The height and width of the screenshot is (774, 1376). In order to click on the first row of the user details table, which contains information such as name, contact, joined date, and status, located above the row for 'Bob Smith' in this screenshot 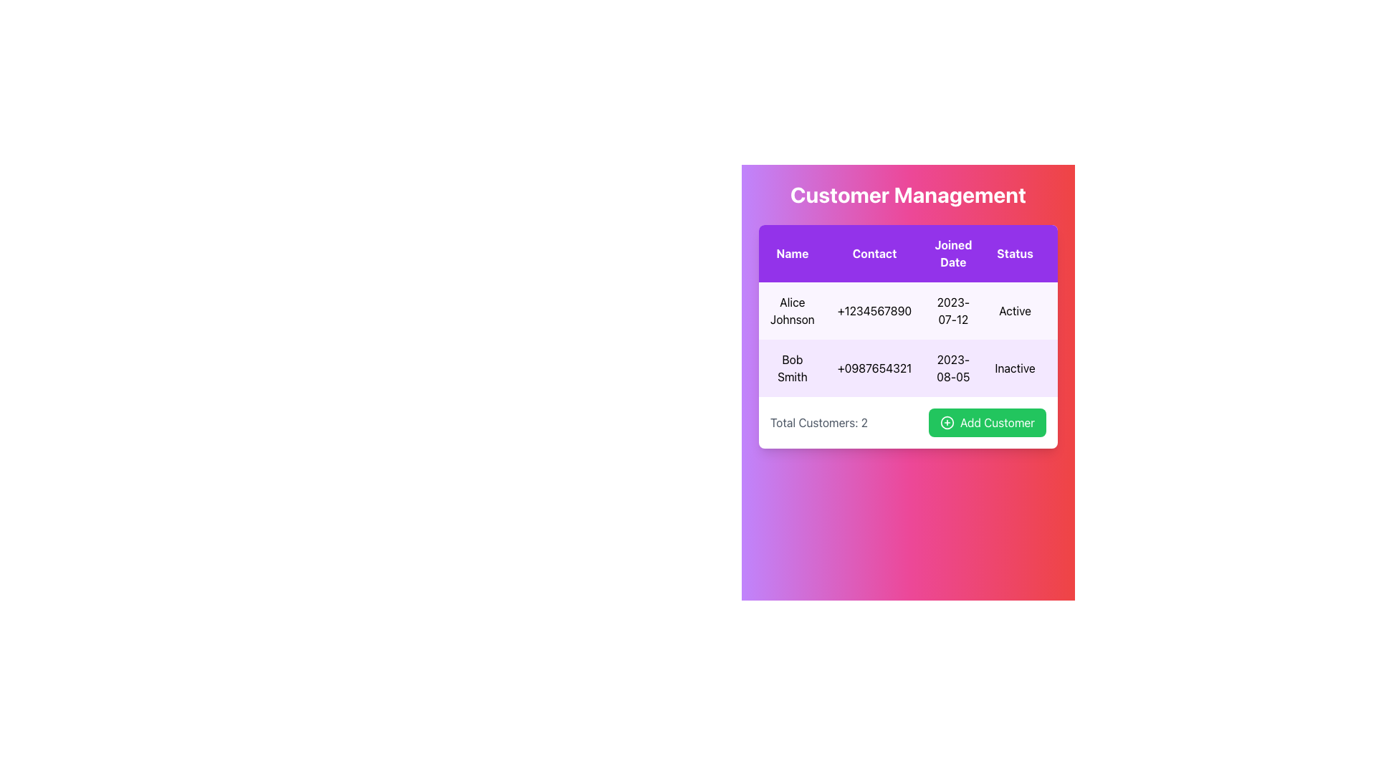, I will do `click(954, 310)`.